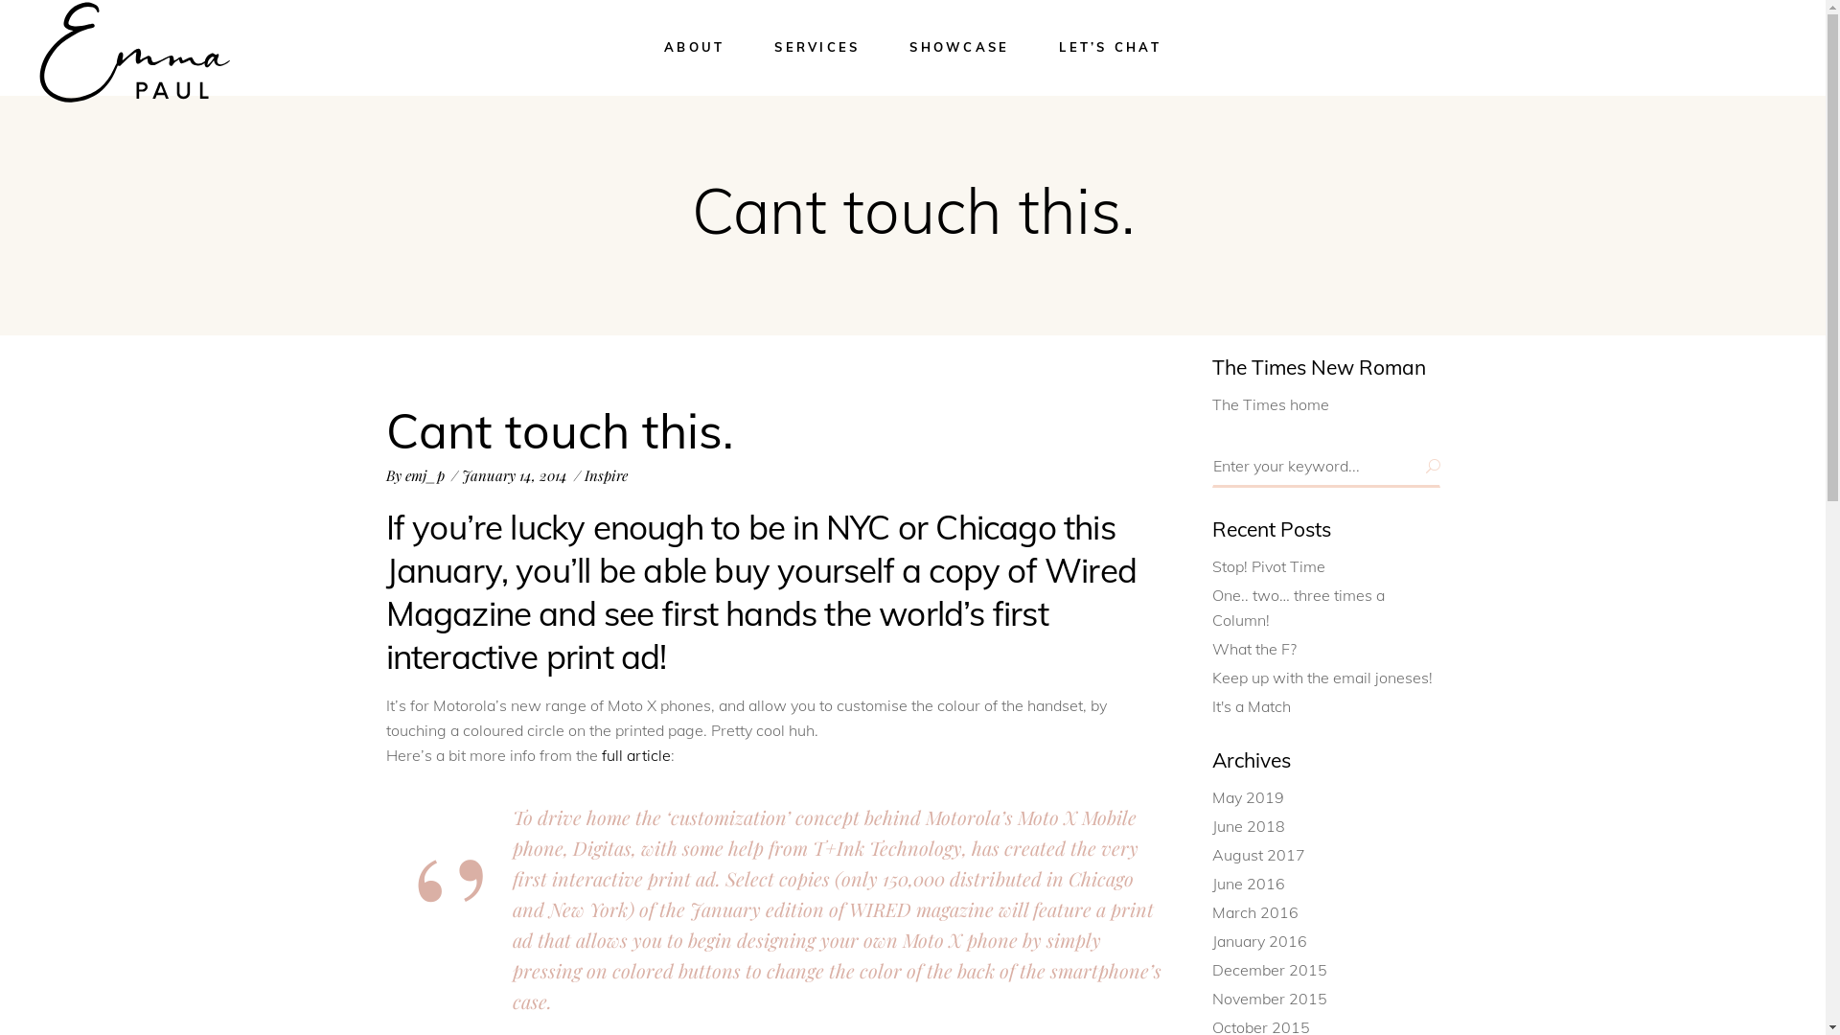  I want to click on 'Keep up with the email joneses!', so click(1322, 676).